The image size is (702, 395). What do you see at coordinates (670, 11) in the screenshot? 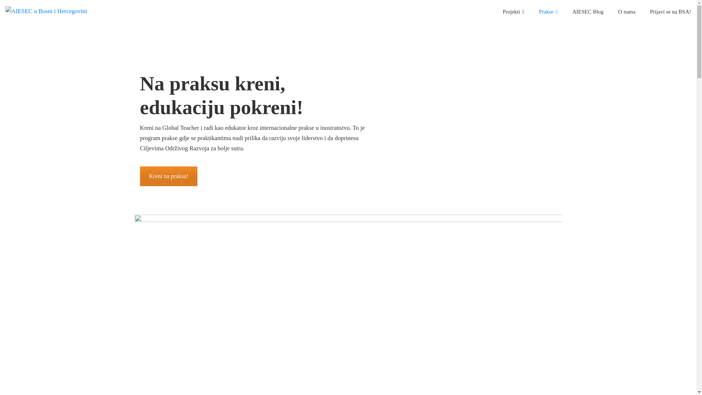
I see `'Prijavi se na BSA!'` at bounding box center [670, 11].